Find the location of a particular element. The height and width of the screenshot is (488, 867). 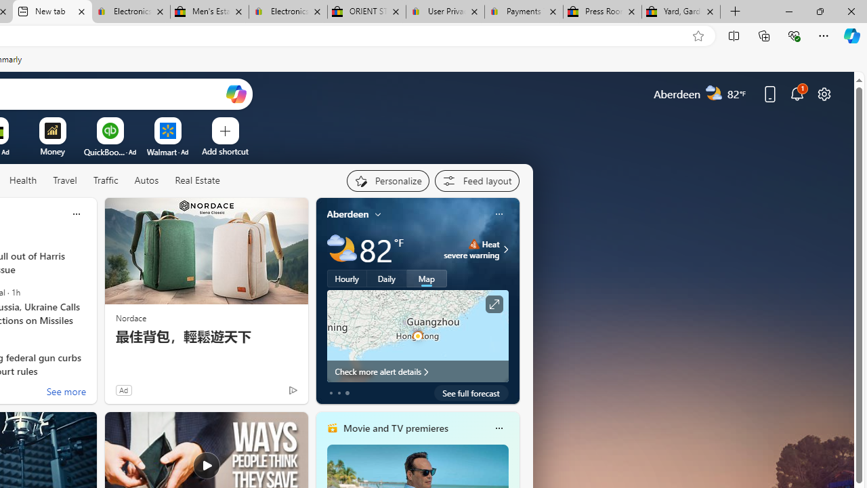

'tab-1' is located at coordinates (339, 392).